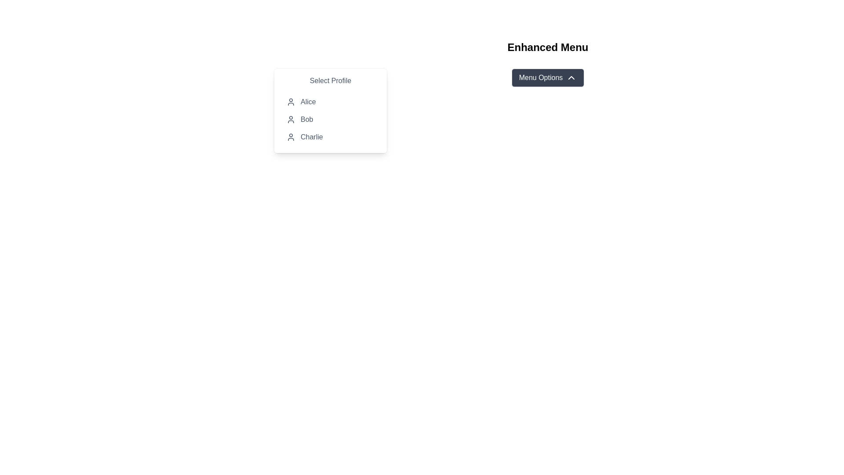  What do you see at coordinates (547, 77) in the screenshot?
I see `the dropdown button located centrally beneath the 'Enhanced Menu' heading` at bounding box center [547, 77].